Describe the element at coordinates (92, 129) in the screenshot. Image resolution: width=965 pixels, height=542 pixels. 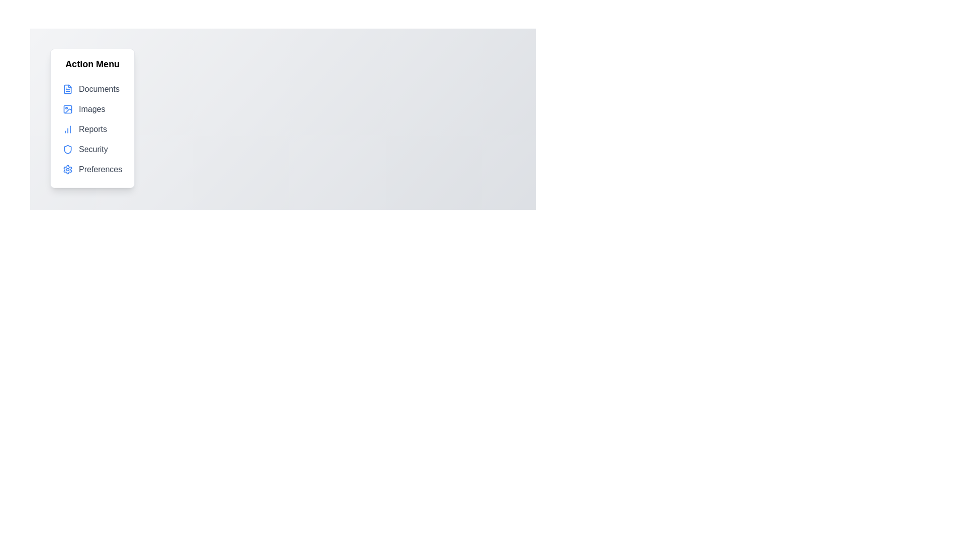
I see `the menu item labeled Reports to highlight it` at that location.